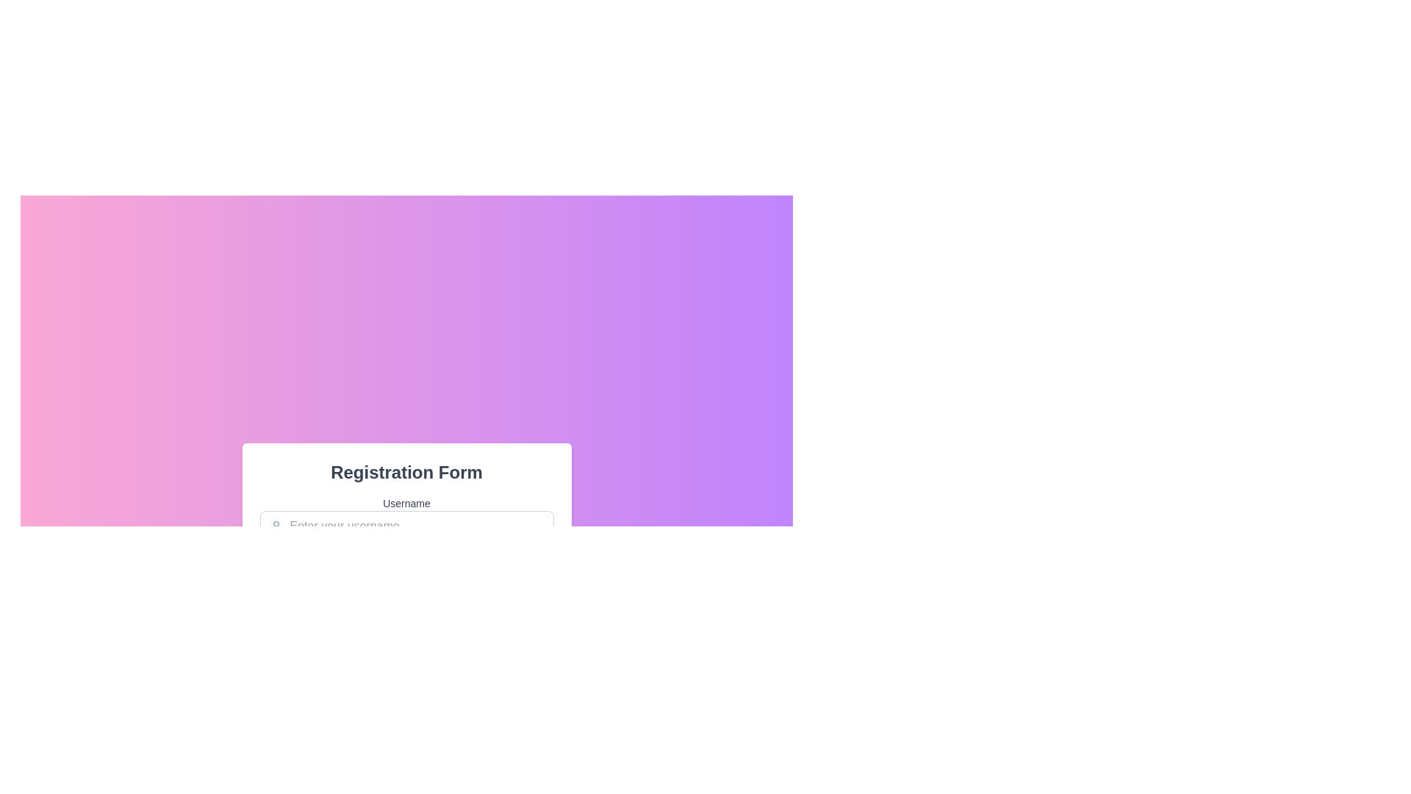 This screenshot has width=1411, height=794. What do you see at coordinates (276, 526) in the screenshot?
I see `the icon indicating the purpose of the adjacent input field for entering a username, which is positioned near the top-left corner of the field` at bounding box center [276, 526].